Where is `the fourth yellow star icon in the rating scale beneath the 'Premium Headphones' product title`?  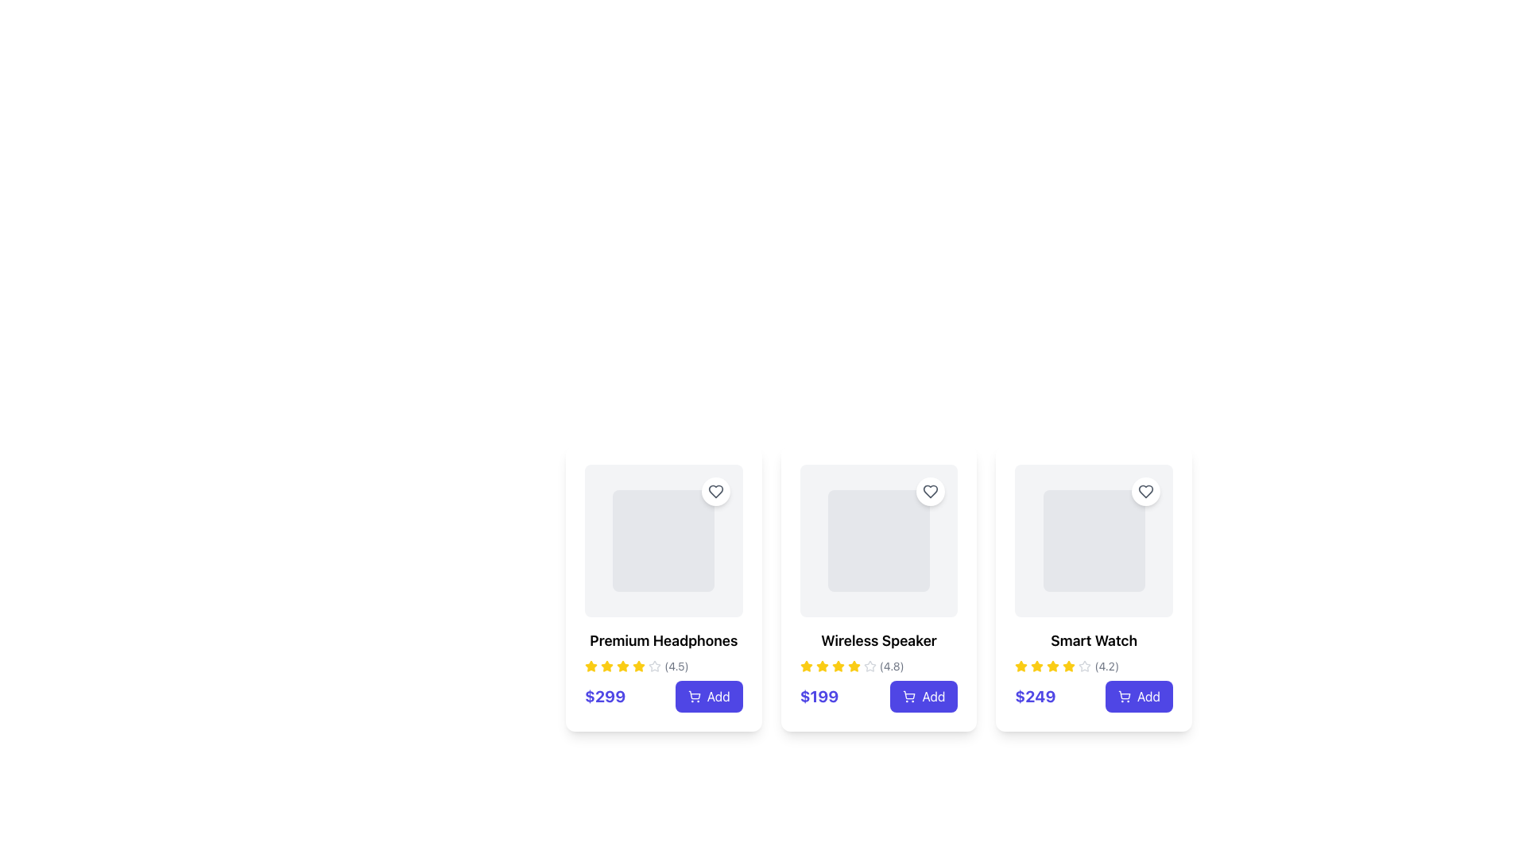 the fourth yellow star icon in the rating scale beneath the 'Premium Headphones' product title is located at coordinates (622, 667).